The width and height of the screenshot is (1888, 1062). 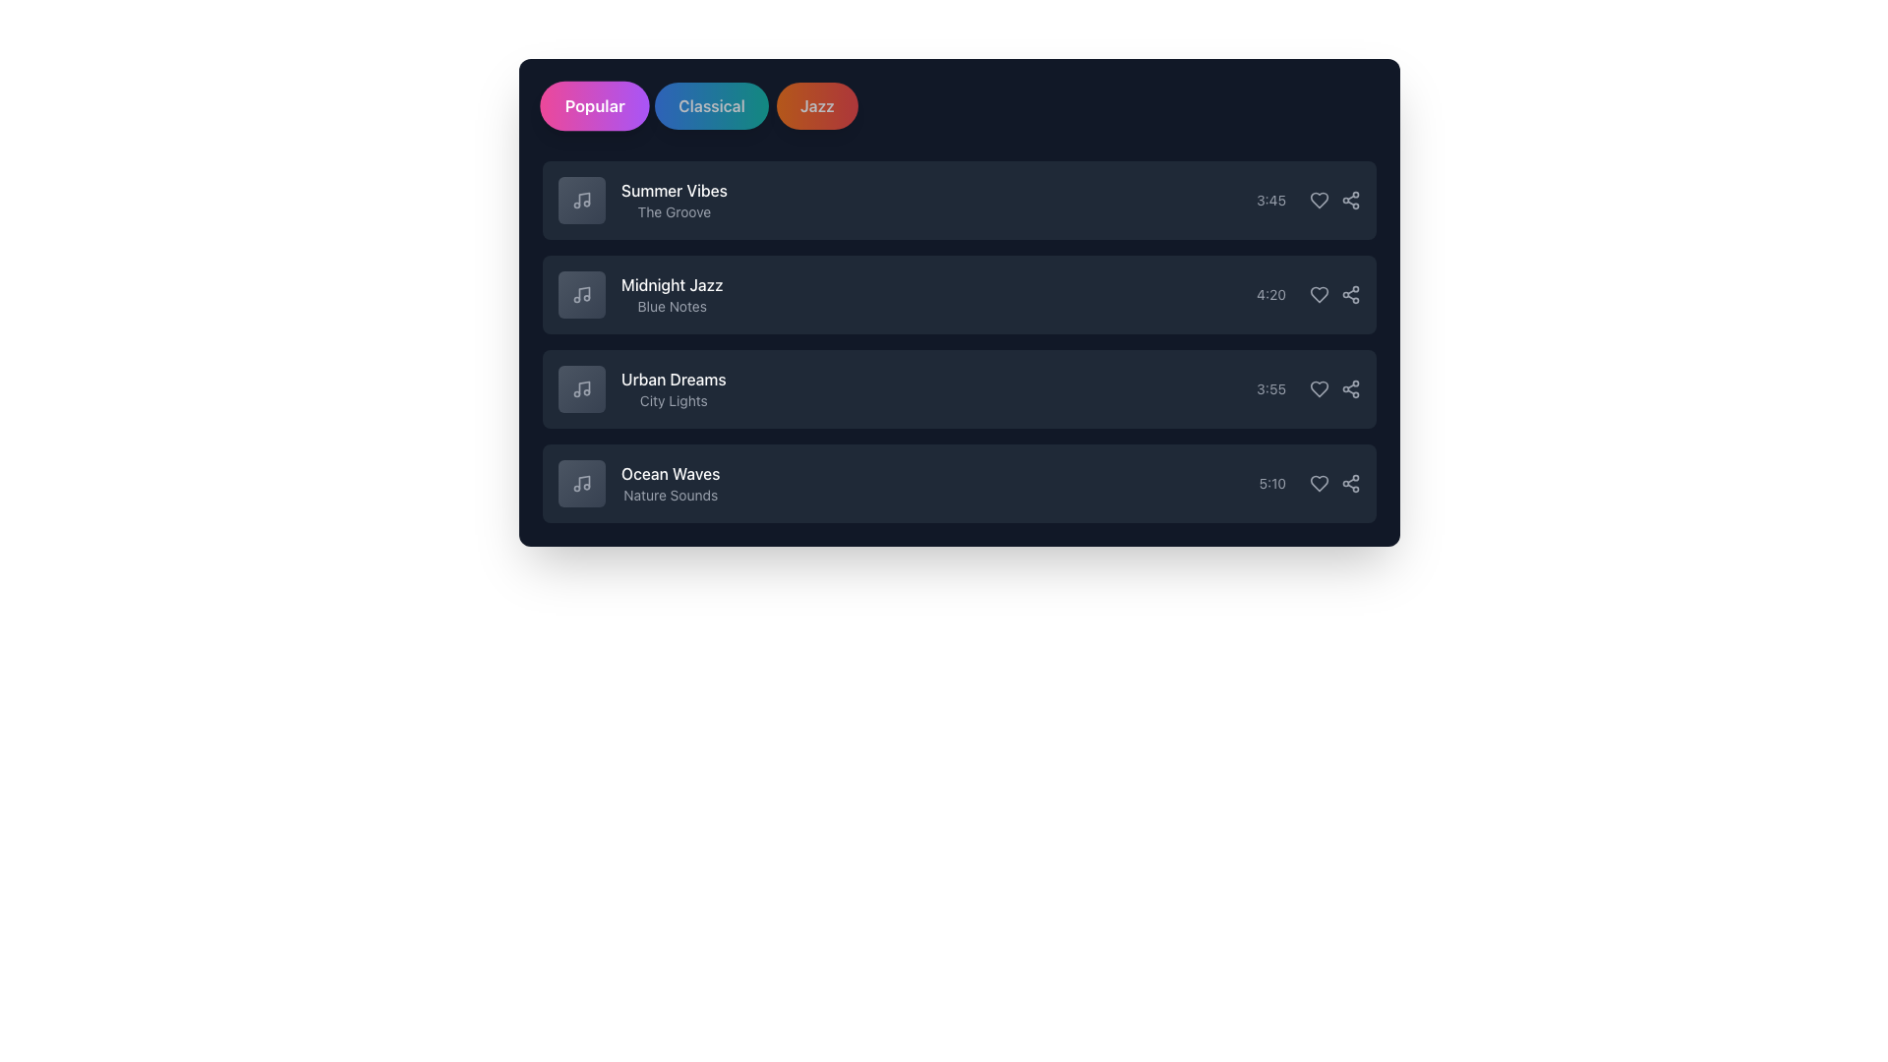 I want to click on the media item entry for 'Midnight Jazz' by 'Blue Notes', so click(x=640, y=295).